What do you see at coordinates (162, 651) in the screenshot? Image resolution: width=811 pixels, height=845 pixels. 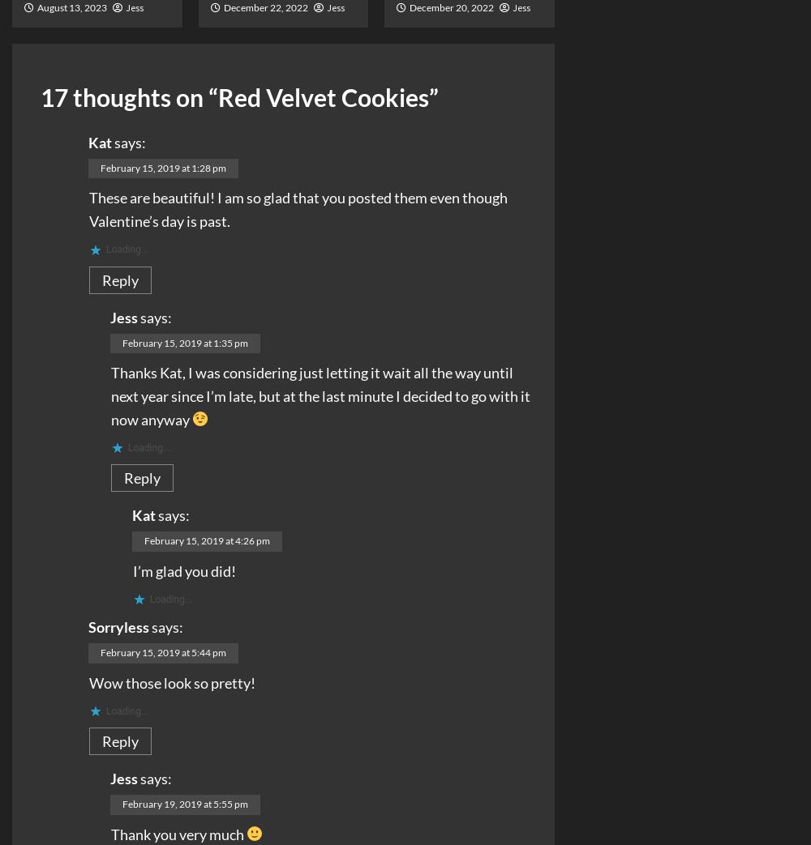 I see `'February 15, 2019 at 5:44 pm'` at bounding box center [162, 651].